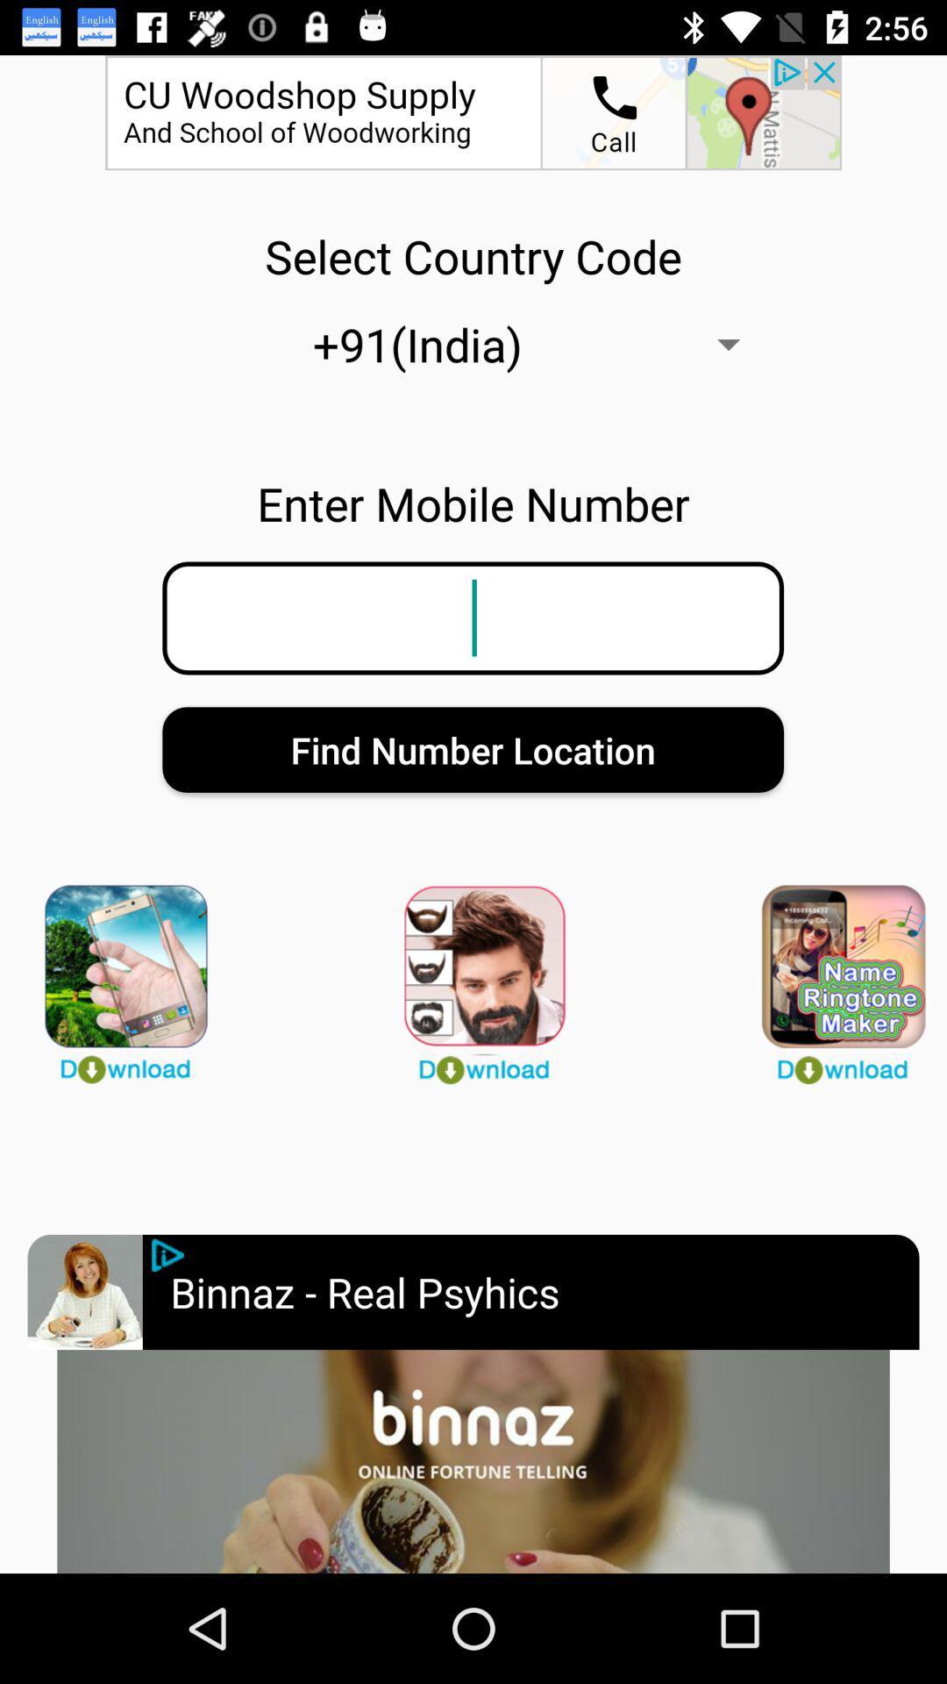 The image size is (947, 1684). What do you see at coordinates (830, 975) in the screenshot?
I see `download ringtone maker` at bounding box center [830, 975].